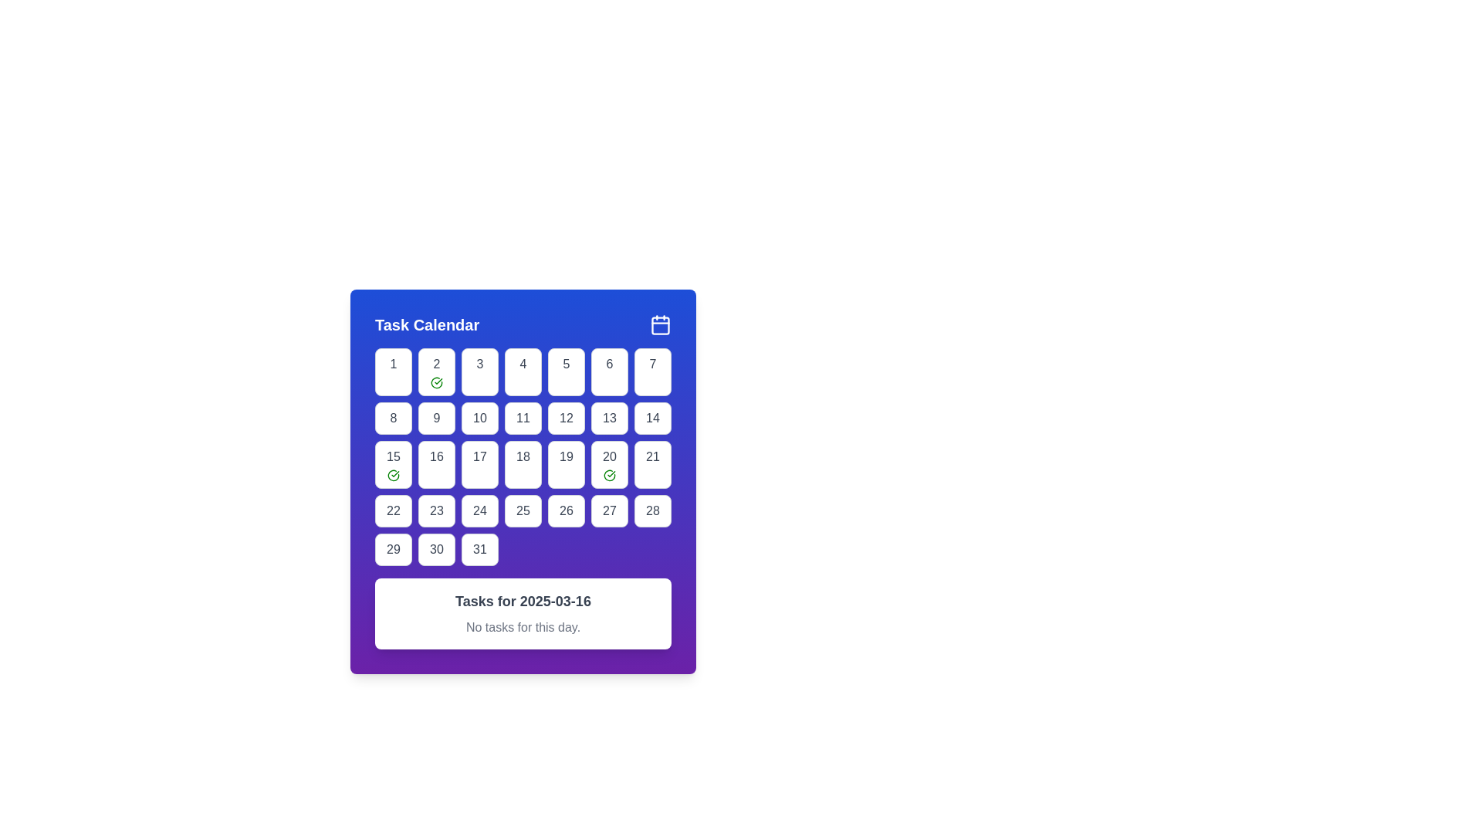 The image size is (1482, 834). Describe the element at coordinates (652, 511) in the screenshot. I see `the text-based button displaying the number '28'` at that location.